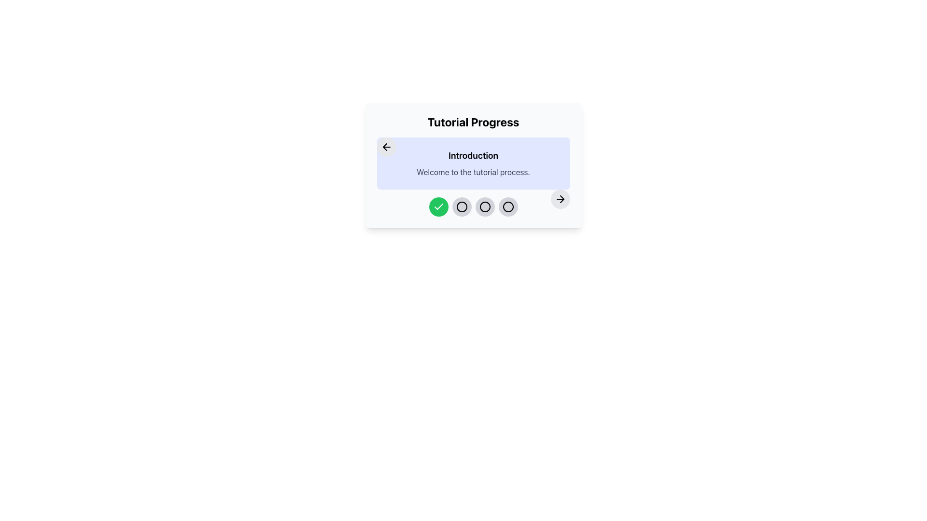 The image size is (927, 521). I want to click on the first circular button in the lower central part of the interface to confirm or mark a step as done, so click(438, 206).